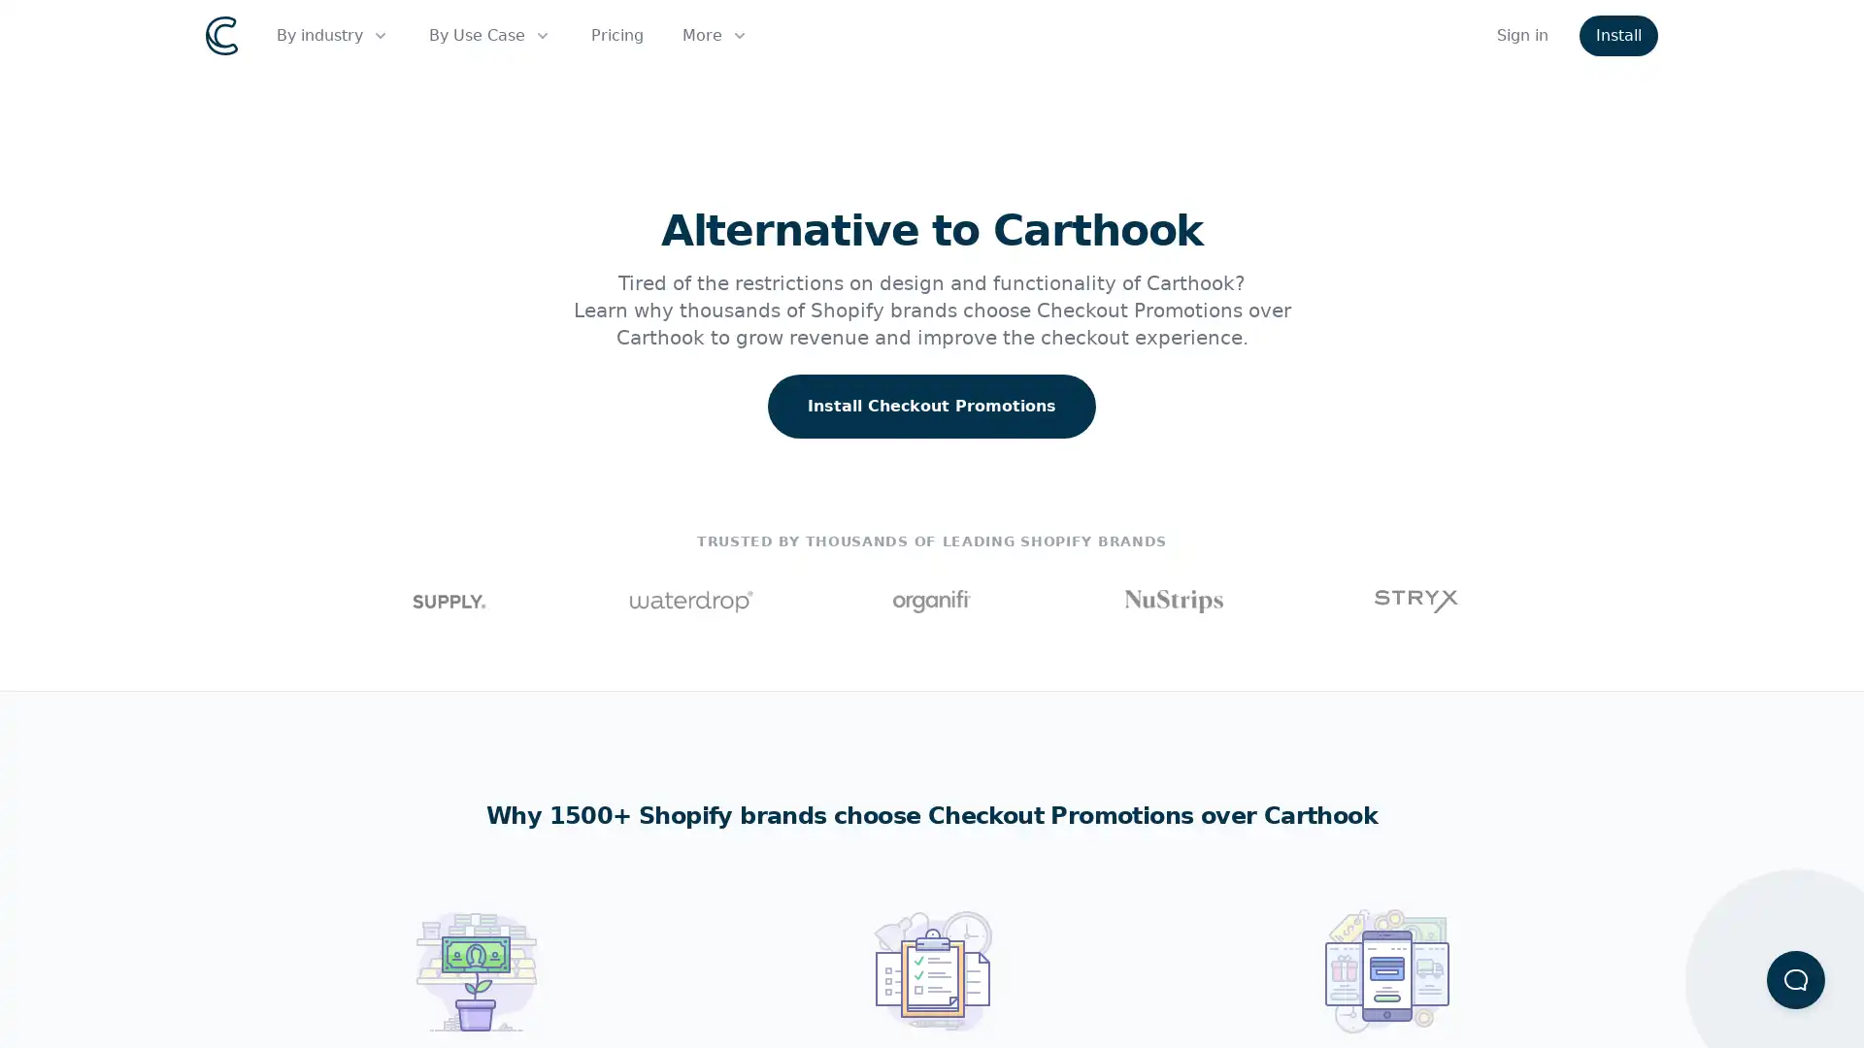  Describe the element at coordinates (490, 36) in the screenshot. I see `By Use Case` at that location.